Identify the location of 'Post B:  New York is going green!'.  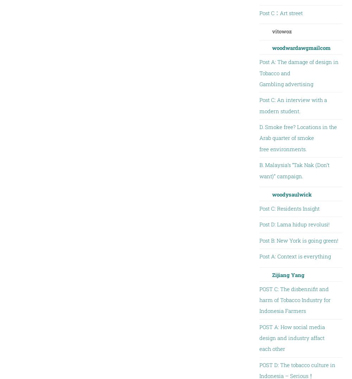
(298, 240).